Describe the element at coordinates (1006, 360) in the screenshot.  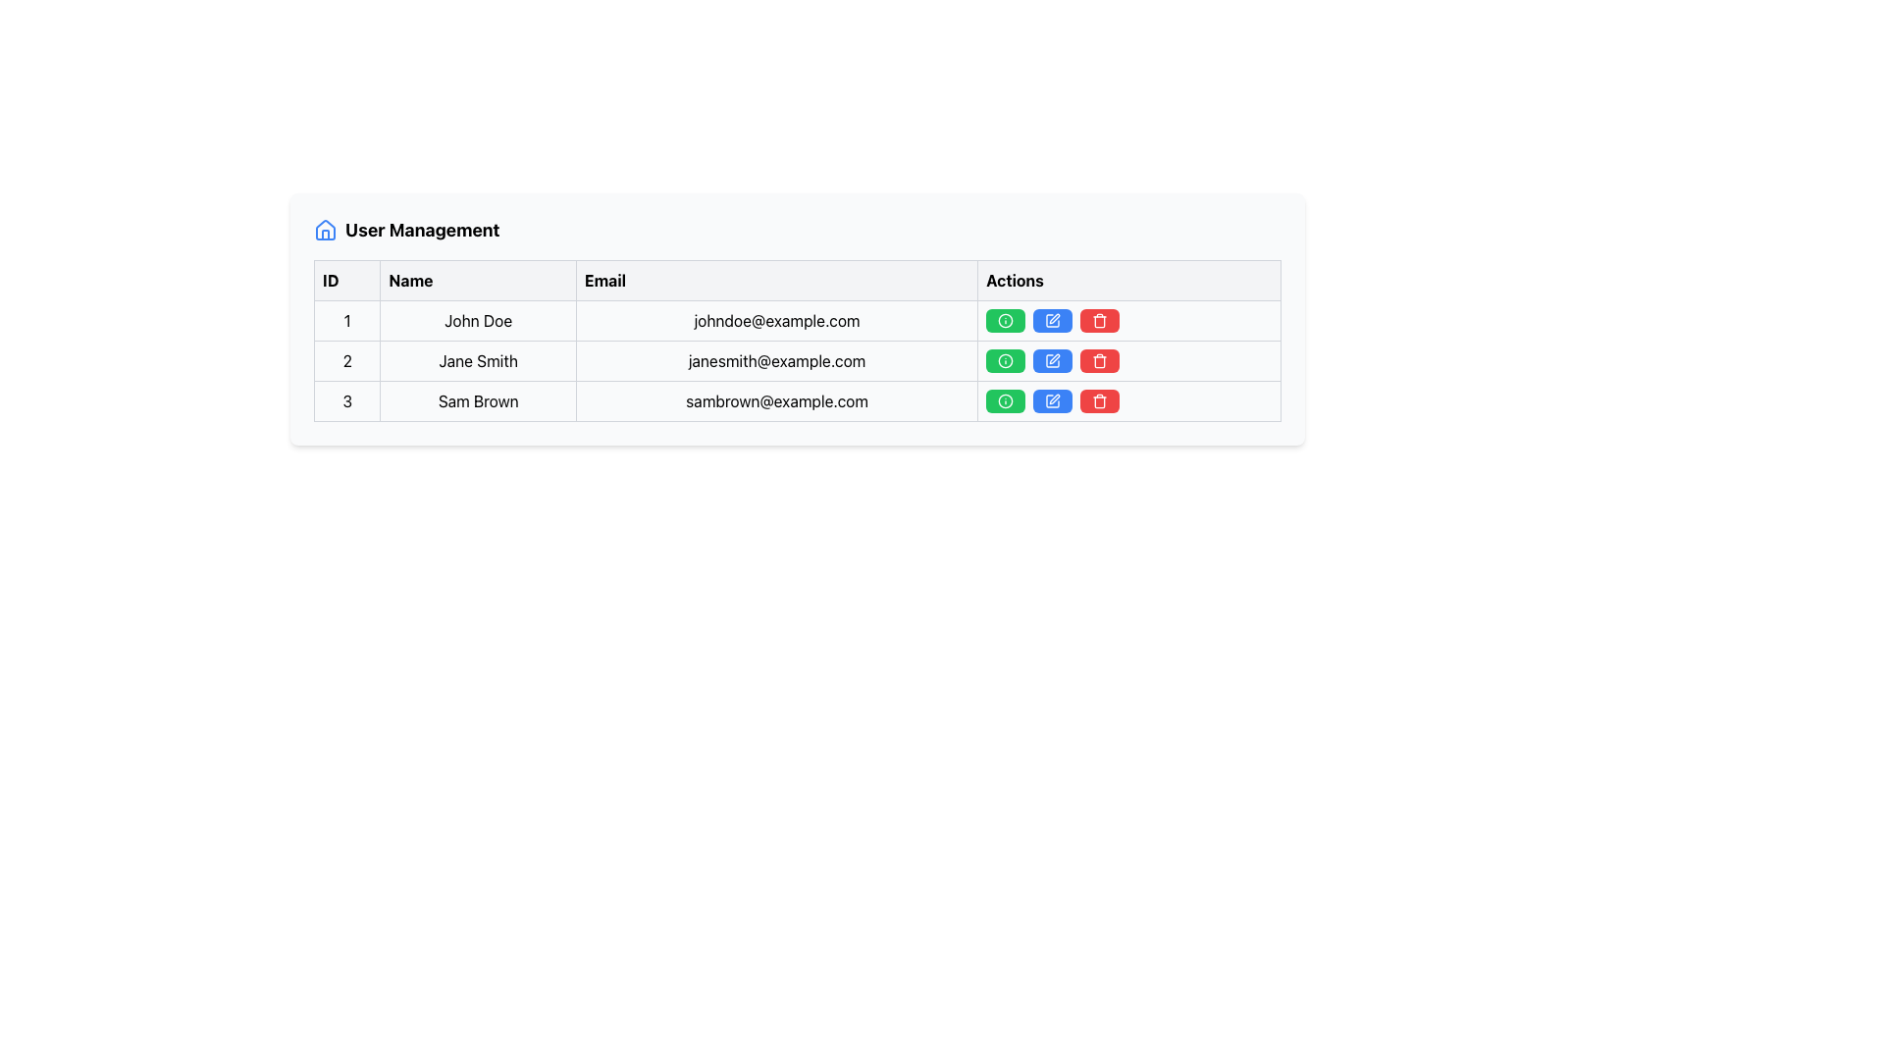
I see `the SVG graphic component (circle) located in the 'Actions' column of the second row representing user 'Jane Smith' with email 'janesmith@example.com'` at that location.